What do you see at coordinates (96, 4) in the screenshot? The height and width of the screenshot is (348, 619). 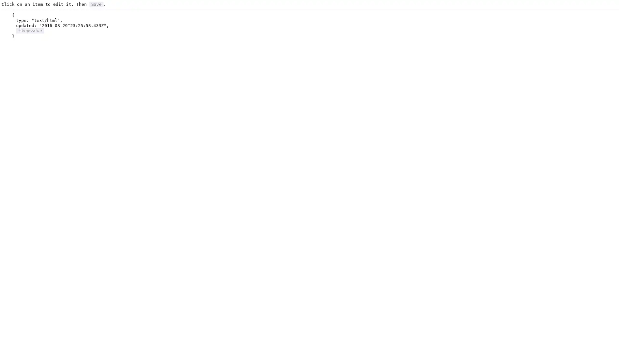 I see `Save` at bounding box center [96, 4].